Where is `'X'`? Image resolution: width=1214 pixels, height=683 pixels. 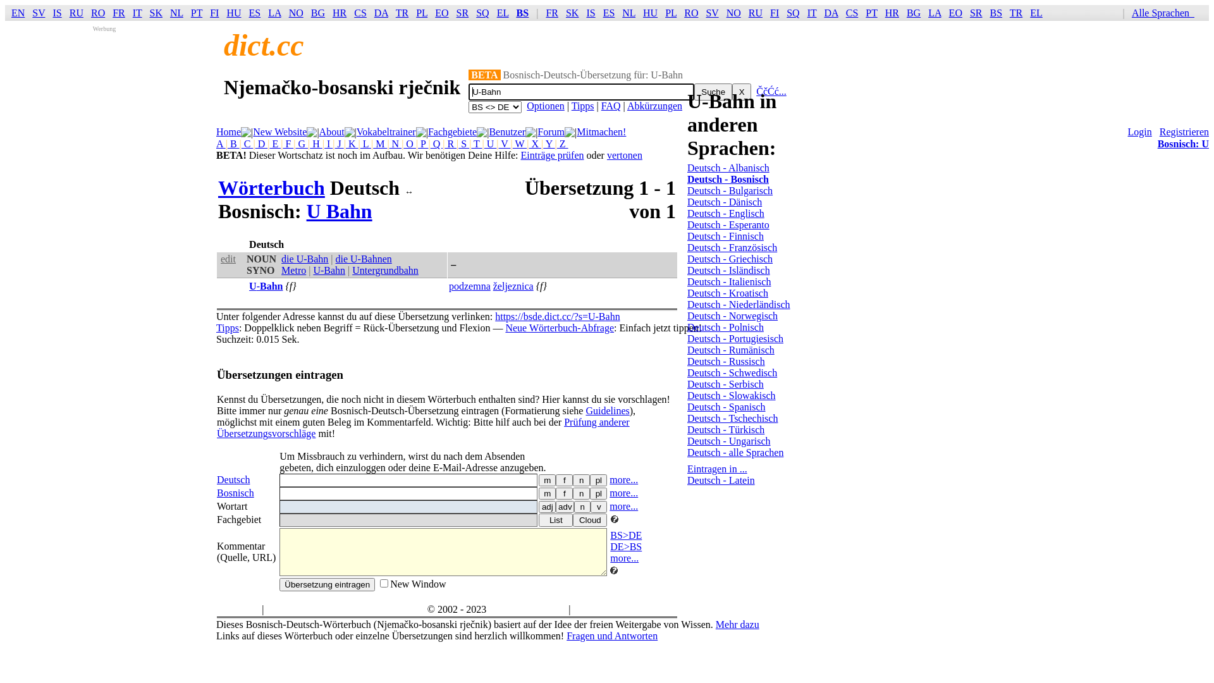 'X' is located at coordinates (732, 91).